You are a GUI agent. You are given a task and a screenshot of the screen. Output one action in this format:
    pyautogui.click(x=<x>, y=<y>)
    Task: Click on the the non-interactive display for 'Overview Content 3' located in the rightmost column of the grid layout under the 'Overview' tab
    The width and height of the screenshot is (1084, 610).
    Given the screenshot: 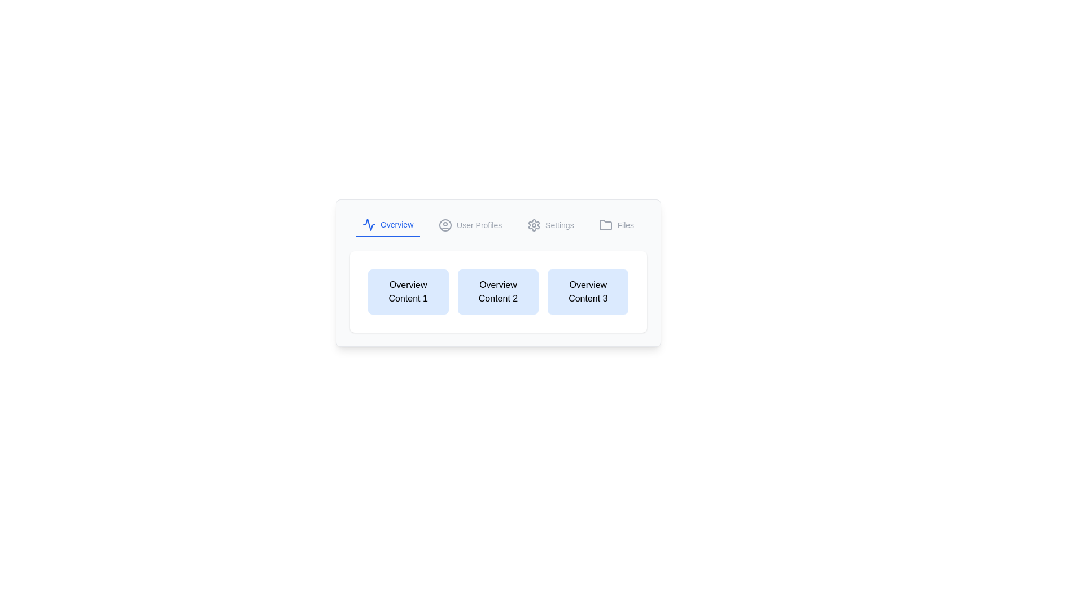 What is the action you would take?
    pyautogui.click(x=587, y=291)
    